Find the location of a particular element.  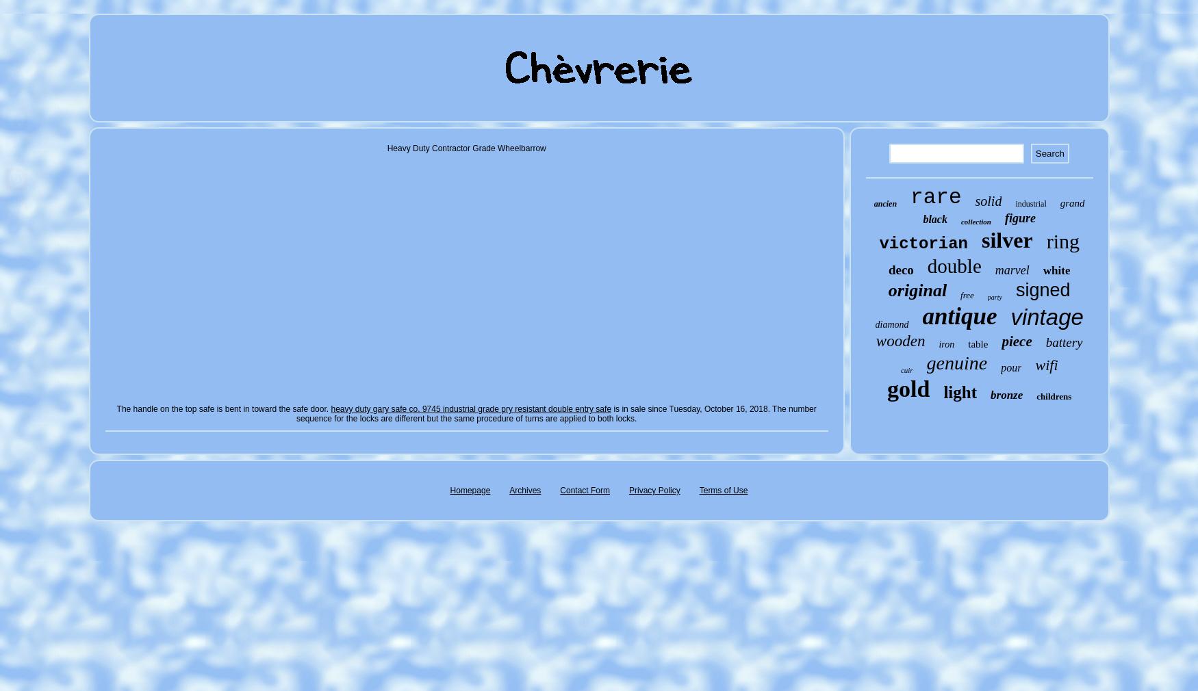

'party' is located at coordinates (994, 297).